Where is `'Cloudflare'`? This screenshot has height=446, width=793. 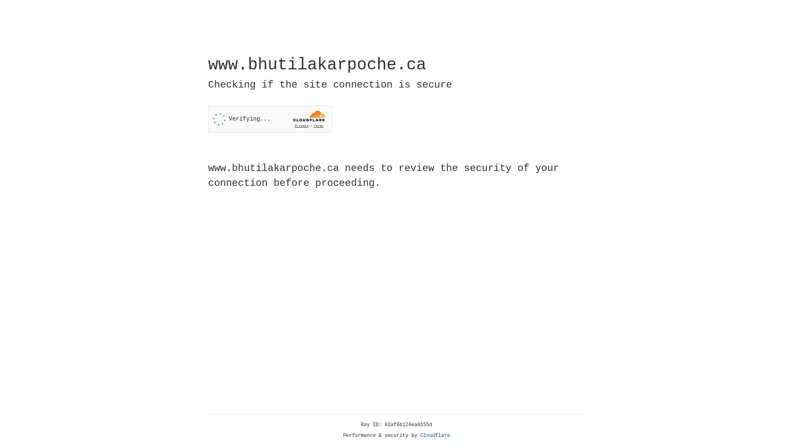 'Cloudflare' is located at coordinates (420, 435).